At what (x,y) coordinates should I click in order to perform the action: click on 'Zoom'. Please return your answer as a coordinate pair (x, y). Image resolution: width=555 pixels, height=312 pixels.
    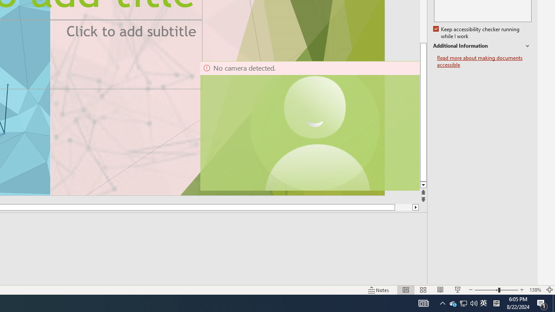
    Looking at the image, I should click on (496, 290).